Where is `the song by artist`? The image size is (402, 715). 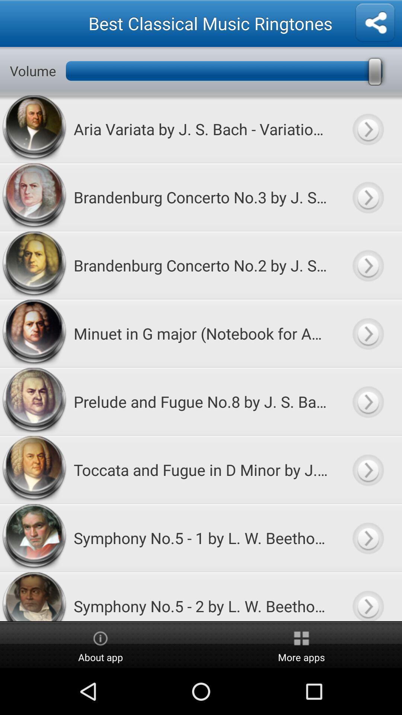 the song by artist is located at coordinates (367, 469).